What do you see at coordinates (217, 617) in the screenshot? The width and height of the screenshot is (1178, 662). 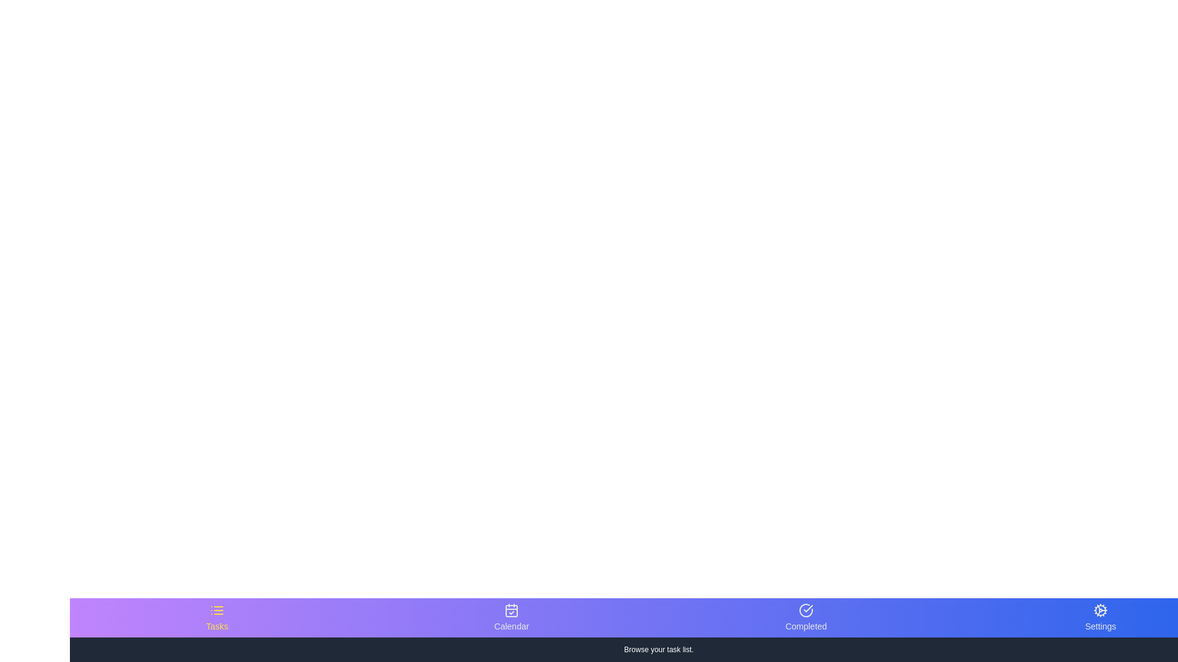 I see `the navigation icon corresponding to Tasks` at bounding box center [217, 617].